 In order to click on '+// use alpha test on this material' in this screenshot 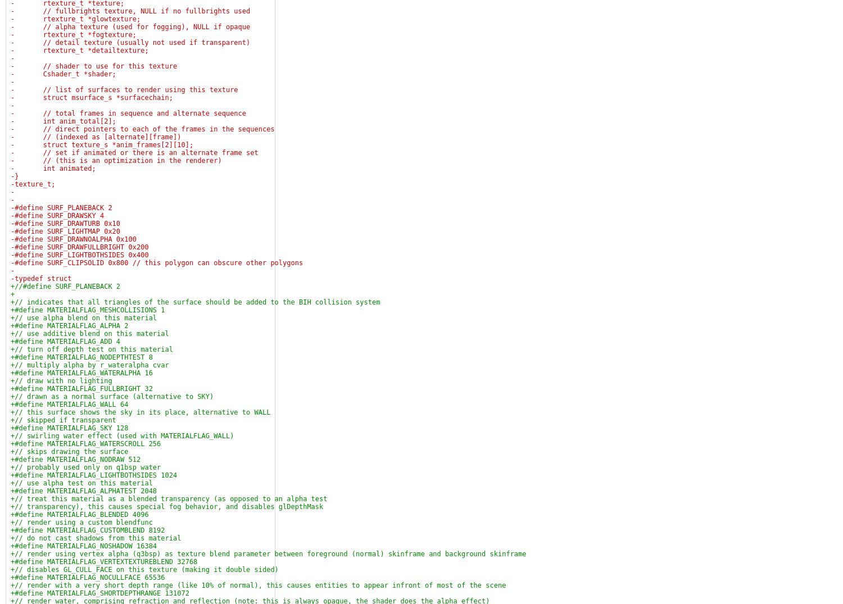, I will do `click(81, 483)`.